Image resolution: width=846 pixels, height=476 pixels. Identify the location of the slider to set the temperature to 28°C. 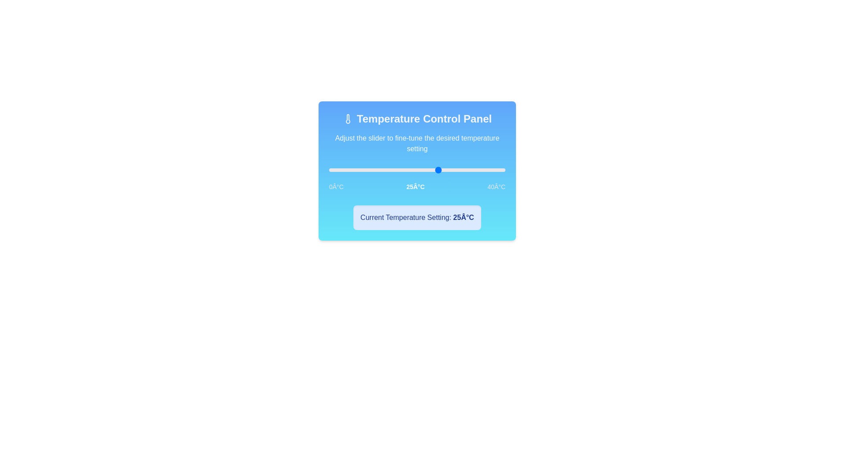
(453, 170).